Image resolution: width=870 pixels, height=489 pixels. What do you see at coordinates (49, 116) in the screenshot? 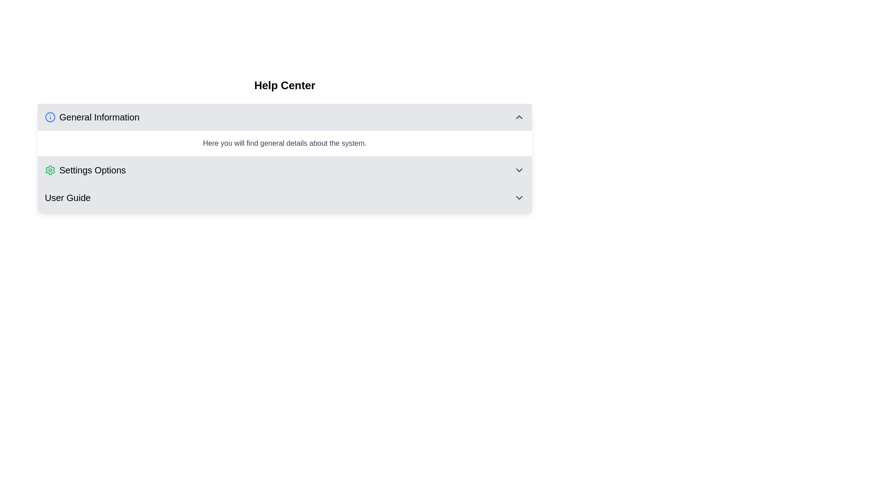
I see `the circular blue outlined 'info' icon located to the left of the 'General Information' text in the Help Center section` at bounding box center [49, 116].